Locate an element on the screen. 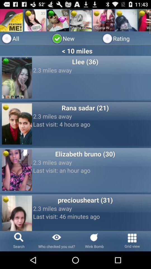  icon above the ishan item is located at coordinates (51, 13).